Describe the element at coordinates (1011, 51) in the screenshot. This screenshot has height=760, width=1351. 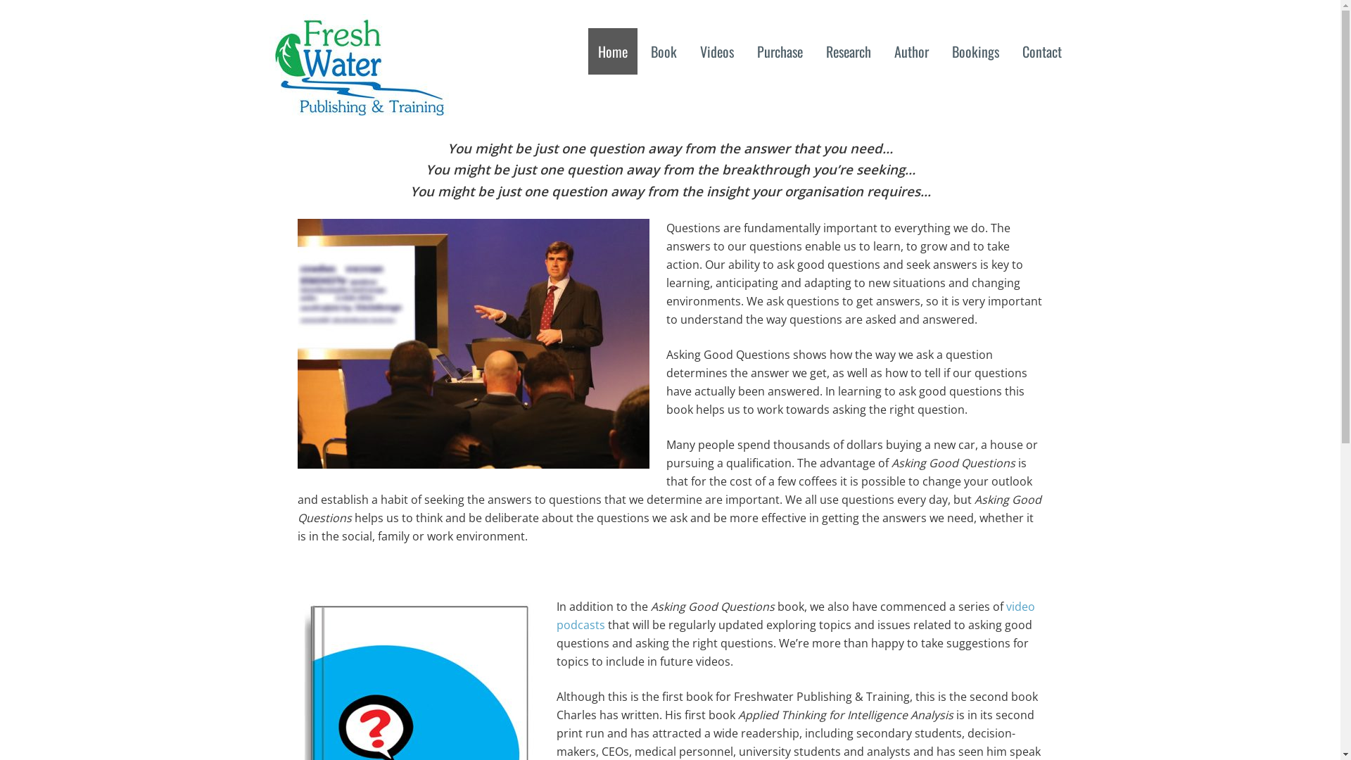
I see `'Contact'` at that location.